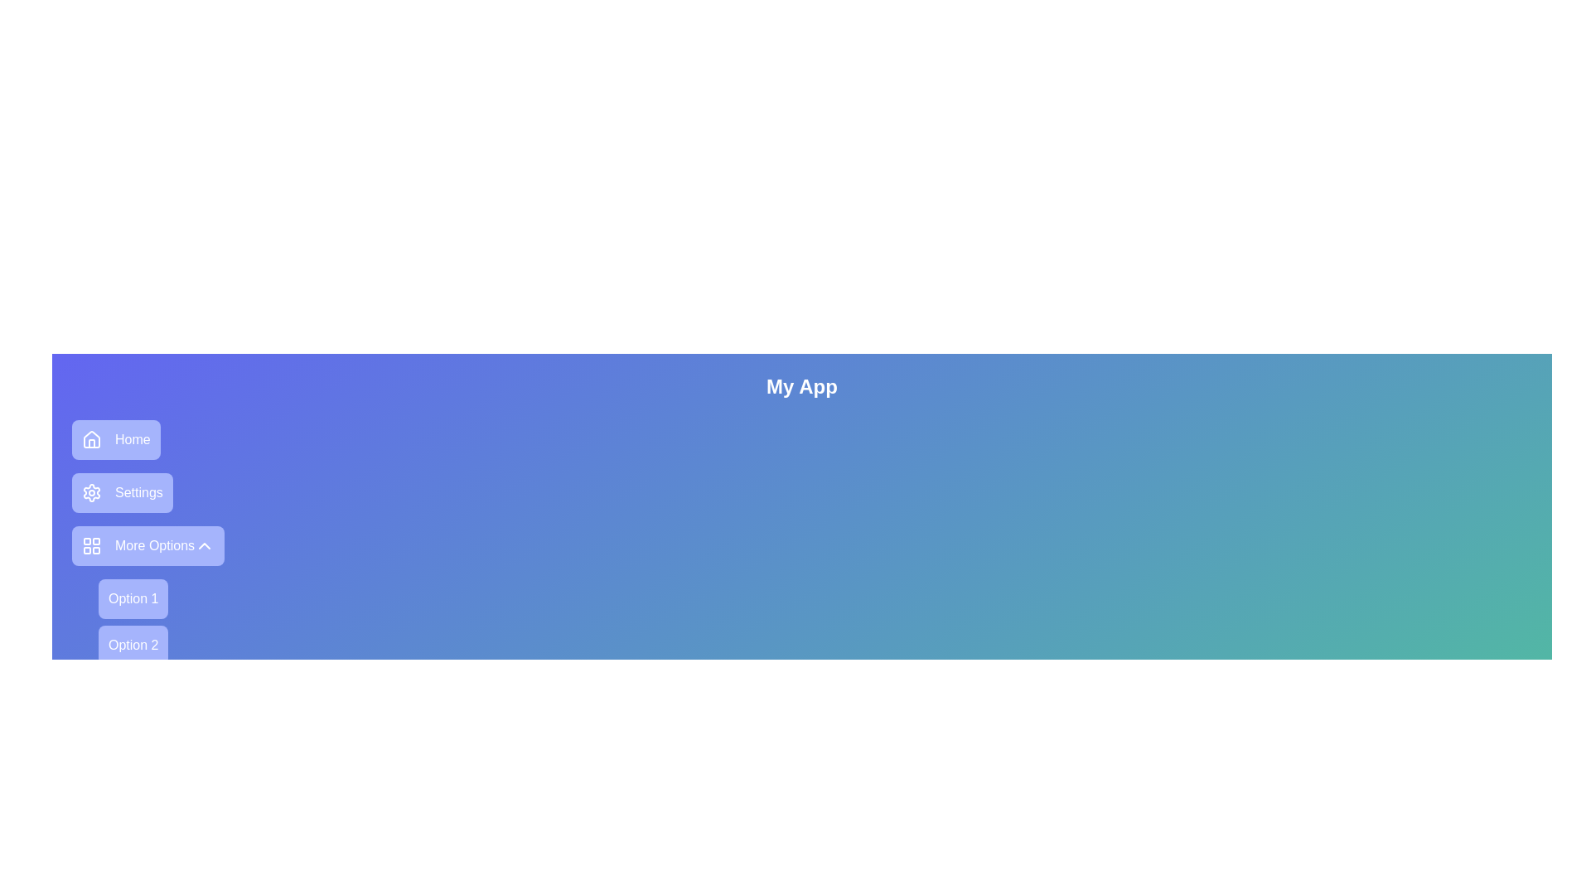 This screenshot has width=1591, height=895. What do you see at coordinates (133, 645) in the screenshot?
I see `the button labeled 'Option 2' which has a purple background and white text` at bounding box center [133, 645].